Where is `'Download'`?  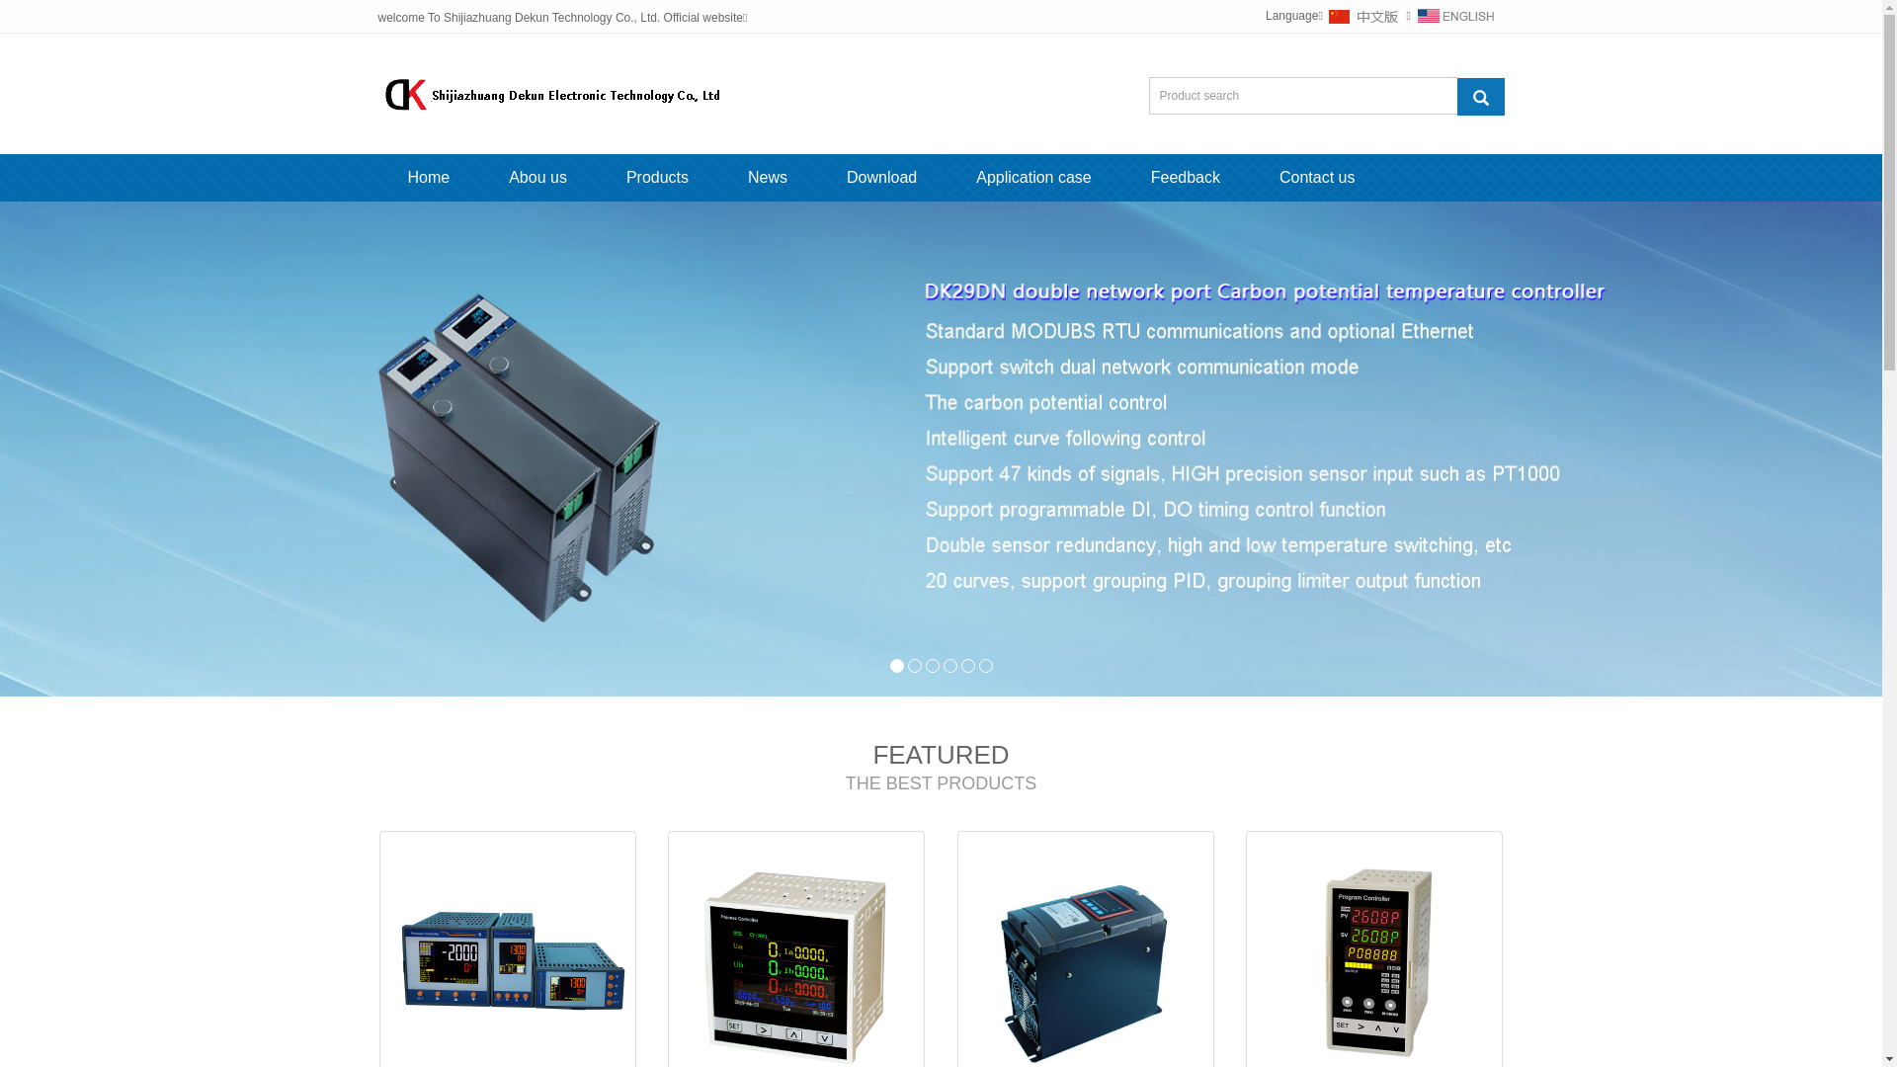
'Download' is located at coordinates (880, 178).